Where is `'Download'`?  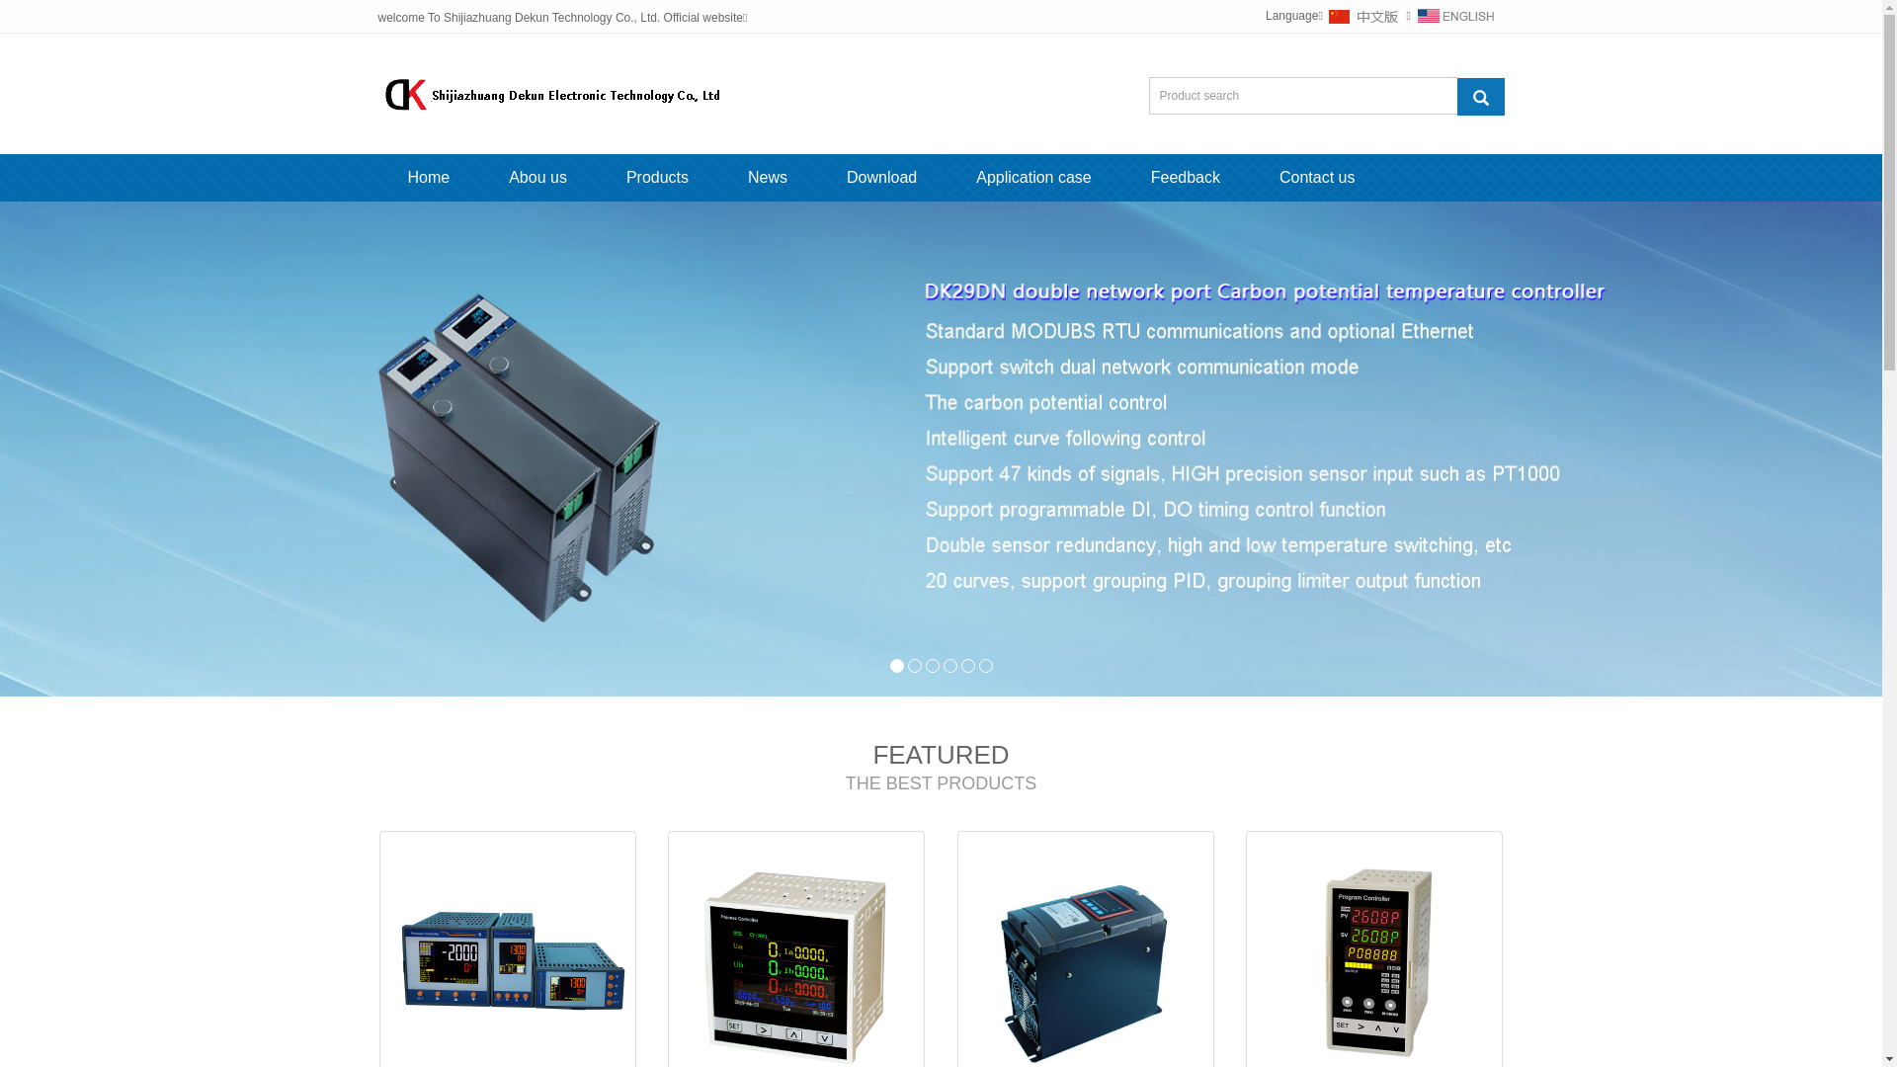
'Download' is located at coordinates (880, 178).